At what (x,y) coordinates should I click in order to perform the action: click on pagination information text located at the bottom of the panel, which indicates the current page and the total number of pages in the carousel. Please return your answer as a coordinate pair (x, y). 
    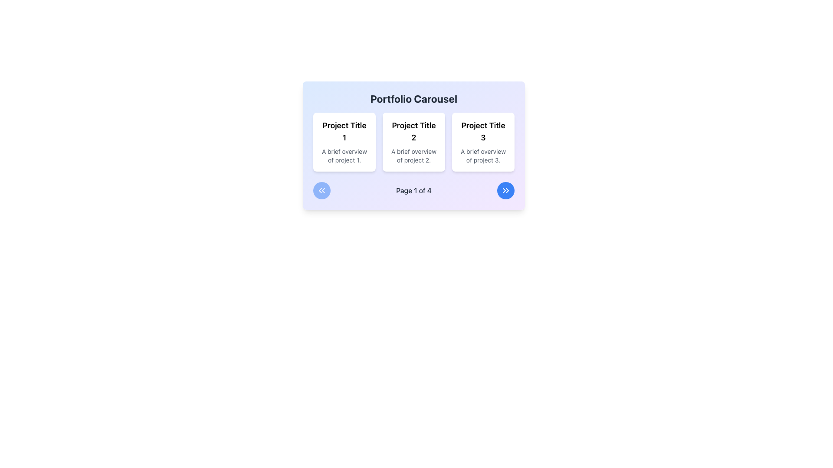
    Looking at the image, I should click on (413, 190).